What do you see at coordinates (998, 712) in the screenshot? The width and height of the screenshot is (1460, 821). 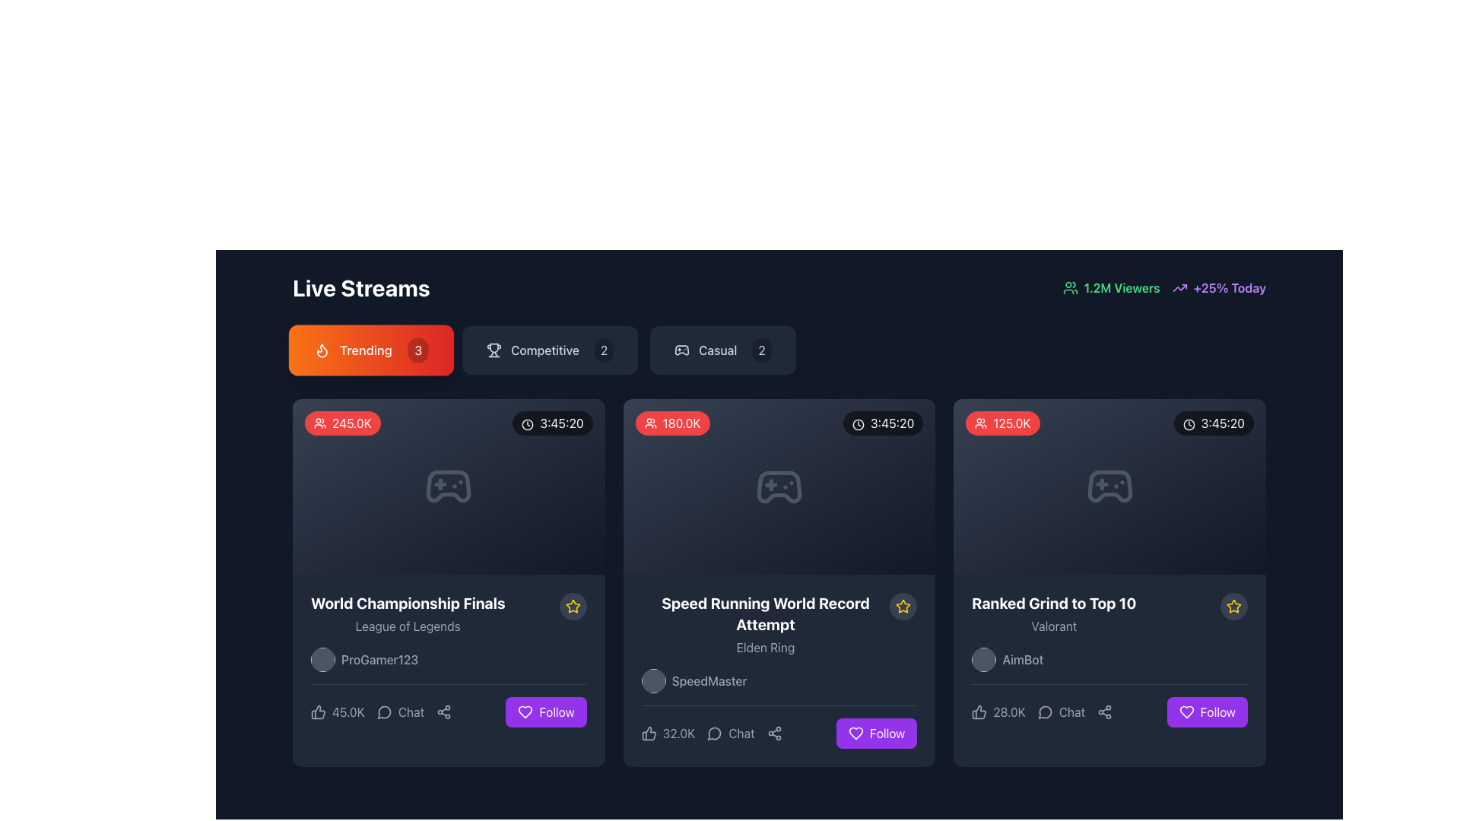 I see `the likes button located in the bottom-left section of the 'Ranked Grind to Top 10' card` at bounding box center [998, 712].